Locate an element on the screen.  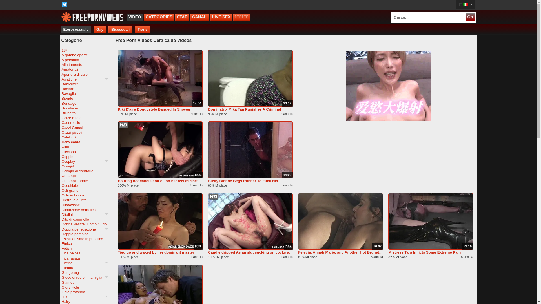
'A gambe aperte' is located at coordinates (85, 55).